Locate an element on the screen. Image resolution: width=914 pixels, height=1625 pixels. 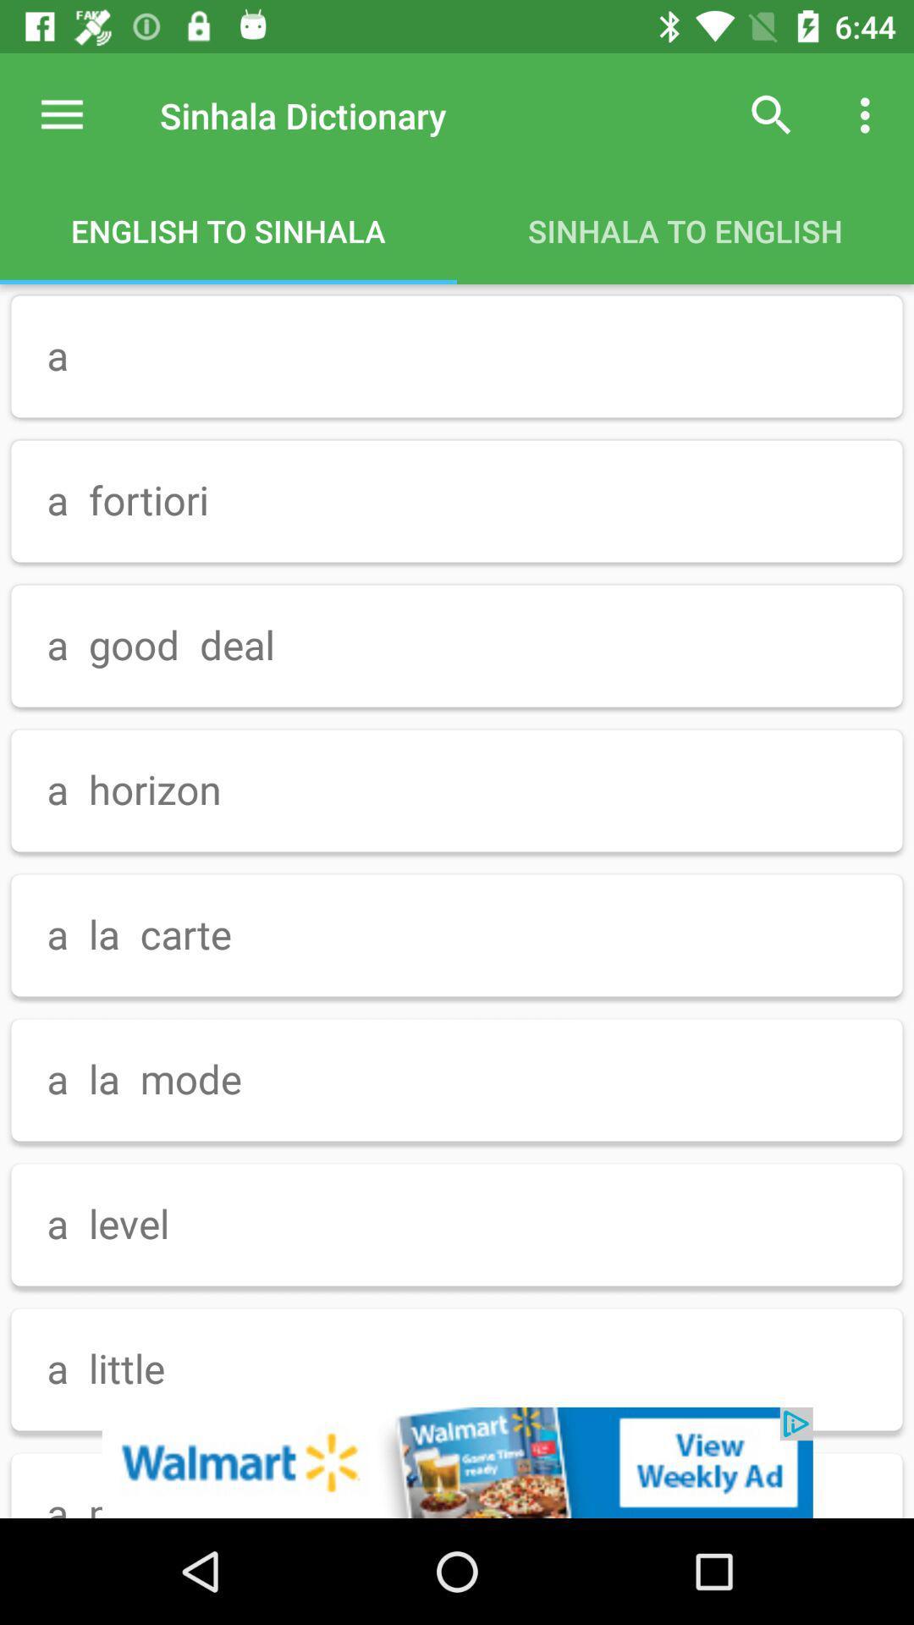
open advertisement is located at coordinates (457, 1462).